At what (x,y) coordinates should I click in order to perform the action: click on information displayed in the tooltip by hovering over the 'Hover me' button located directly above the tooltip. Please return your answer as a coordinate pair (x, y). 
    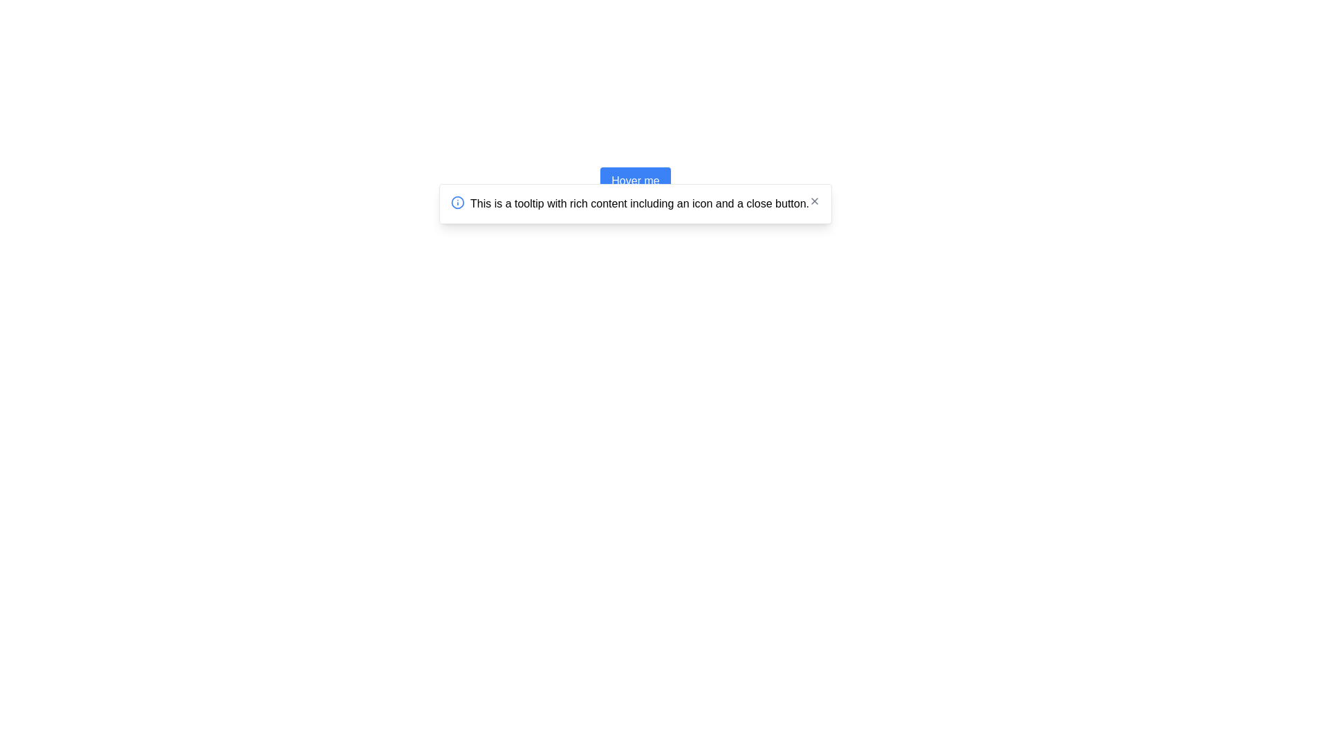
    Looking at the image, I should click on (634, 181).